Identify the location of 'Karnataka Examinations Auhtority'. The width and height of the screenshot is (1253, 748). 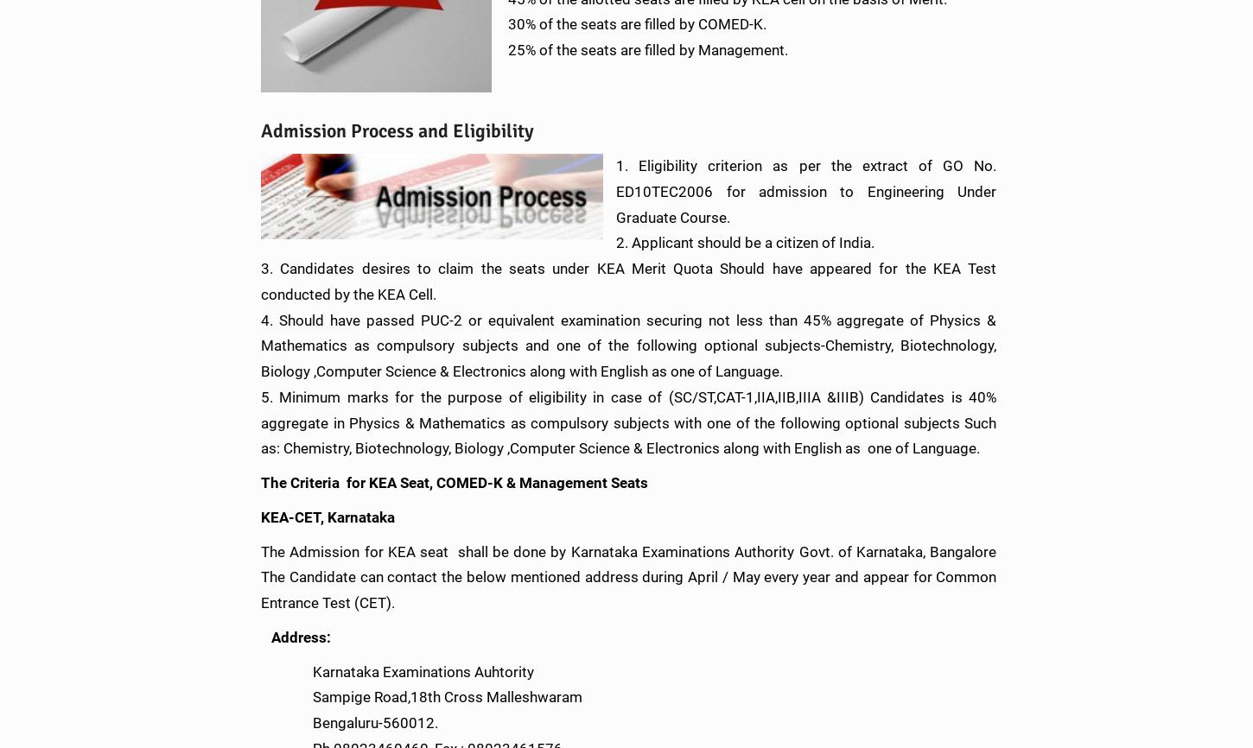
(261, 669).